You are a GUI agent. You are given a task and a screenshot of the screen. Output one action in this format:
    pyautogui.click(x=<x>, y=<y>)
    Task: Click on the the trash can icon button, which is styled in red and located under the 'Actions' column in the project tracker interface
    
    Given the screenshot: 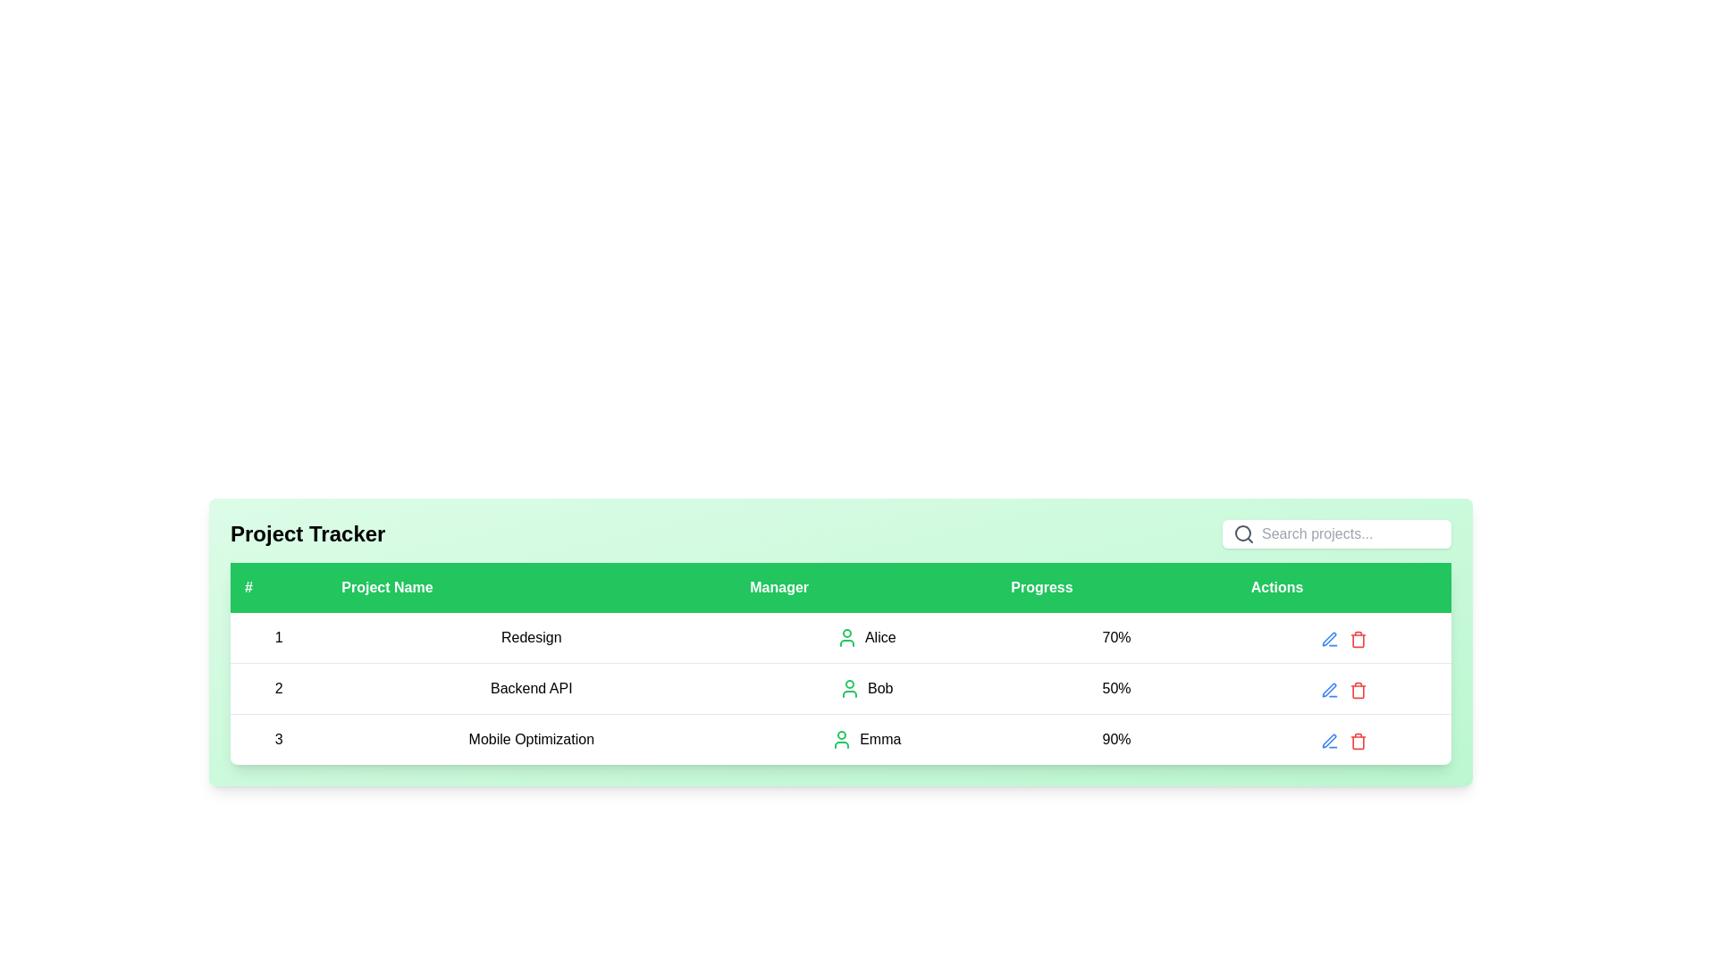 What is the action you would take?
    pyautogui.click(x=1358, y=741)
    